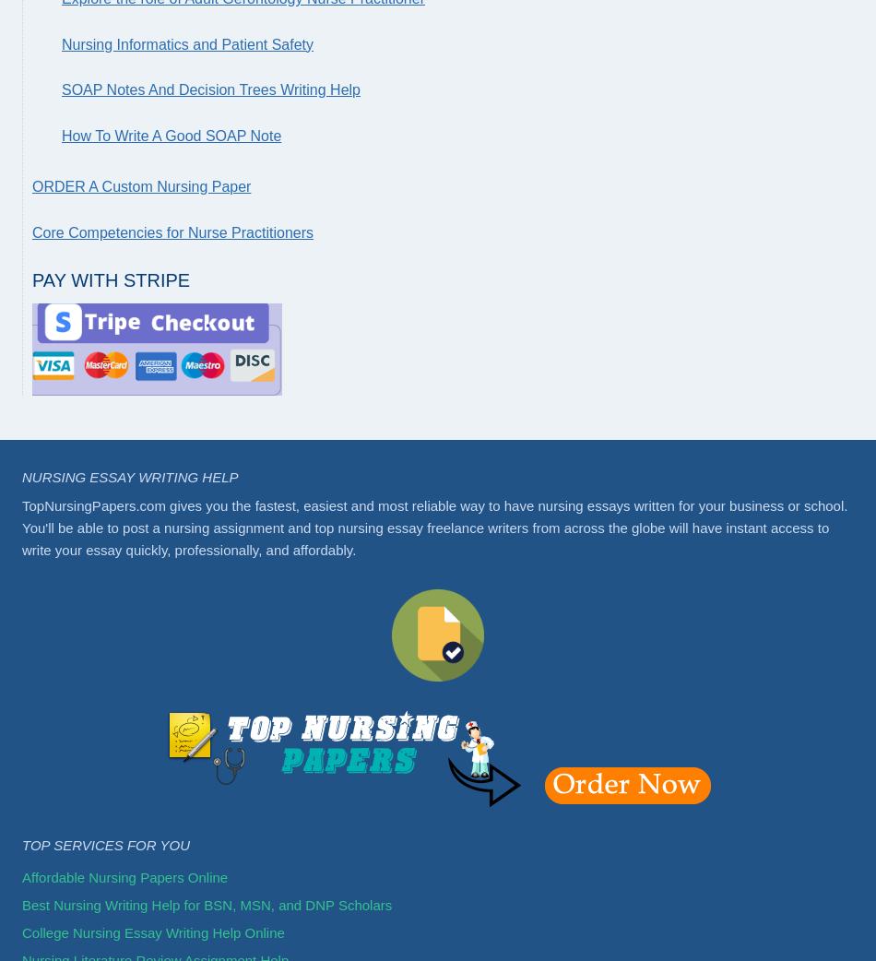  I want to click on 'TopNursingPapers.com gives you the fastest, easiest and most reliable way to have nursing essays written for your business or school. You'll be able to post a nursing assignment and top nursing essay freelance writers from across the globe will have instant access to write your essay quickly, professionally, and affordably.', so click(22, 527).